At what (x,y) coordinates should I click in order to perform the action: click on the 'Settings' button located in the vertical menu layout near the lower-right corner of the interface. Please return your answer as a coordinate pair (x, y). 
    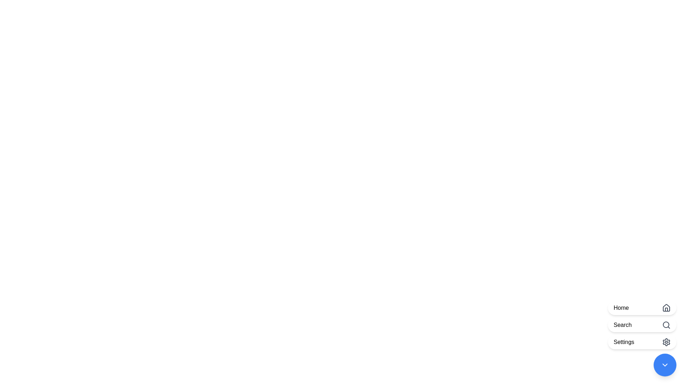
    Looking at the image, I should click on (623, 342).